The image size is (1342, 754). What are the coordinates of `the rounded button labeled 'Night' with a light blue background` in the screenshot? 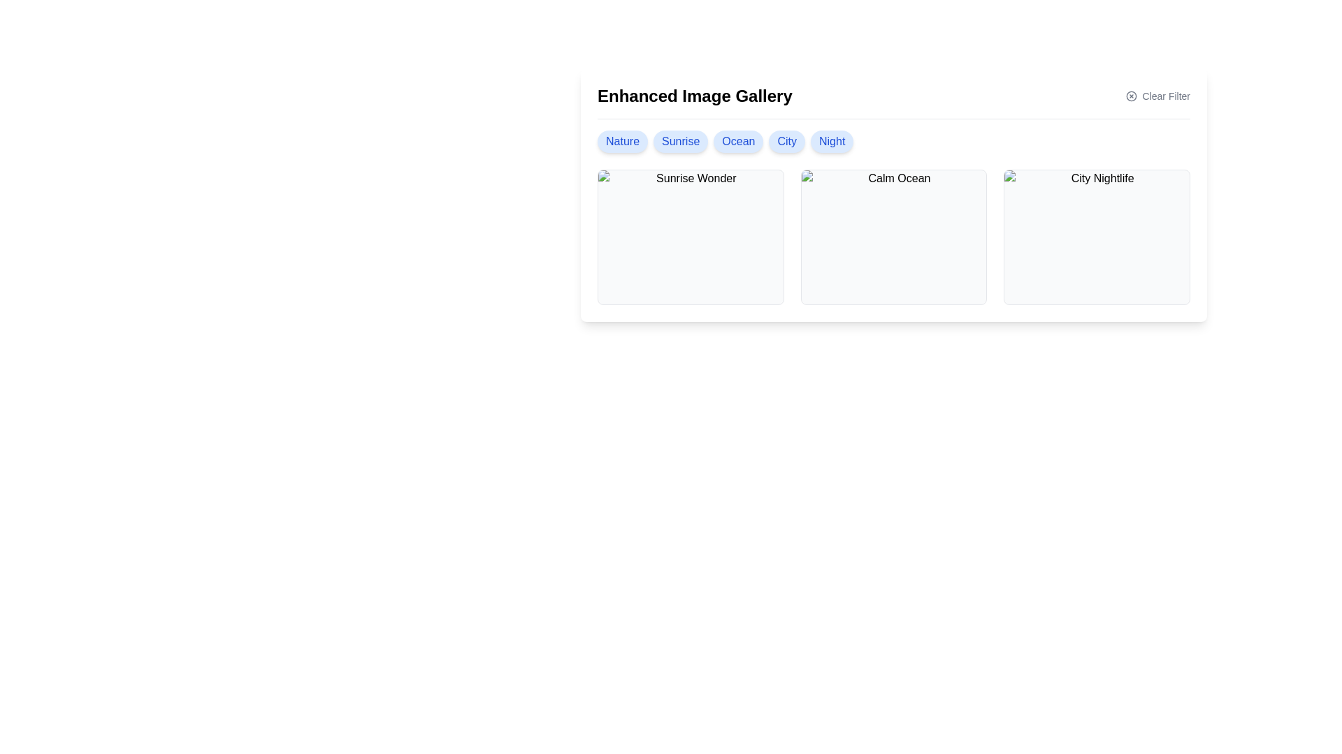 It's located at (832, 142).